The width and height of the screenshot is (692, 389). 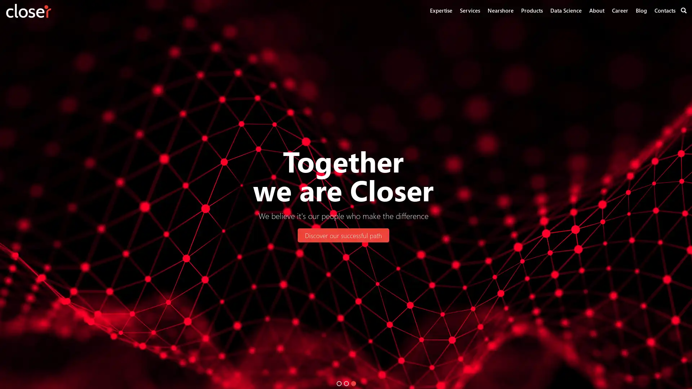 What do you see at coordinates (338, 383) in the screenshot?
I see `1` at bounding box center [338, 383].